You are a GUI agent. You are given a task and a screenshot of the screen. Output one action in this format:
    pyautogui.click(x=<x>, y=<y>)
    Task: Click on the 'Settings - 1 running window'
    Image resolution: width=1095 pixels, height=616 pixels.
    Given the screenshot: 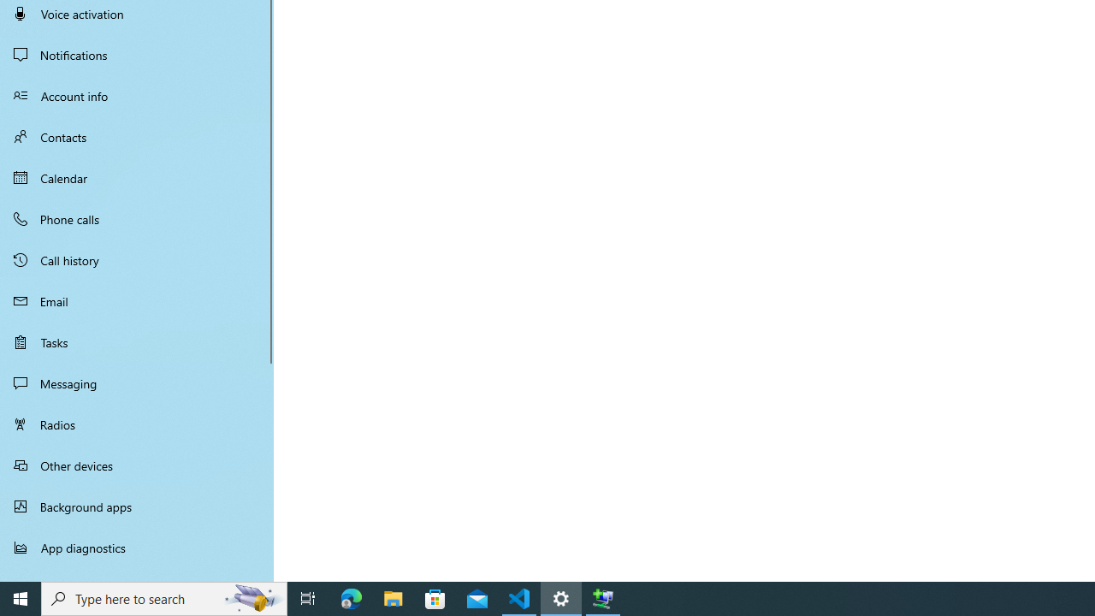 What is the action you would take?
    pyautogui.click(x=561, y=597)
    